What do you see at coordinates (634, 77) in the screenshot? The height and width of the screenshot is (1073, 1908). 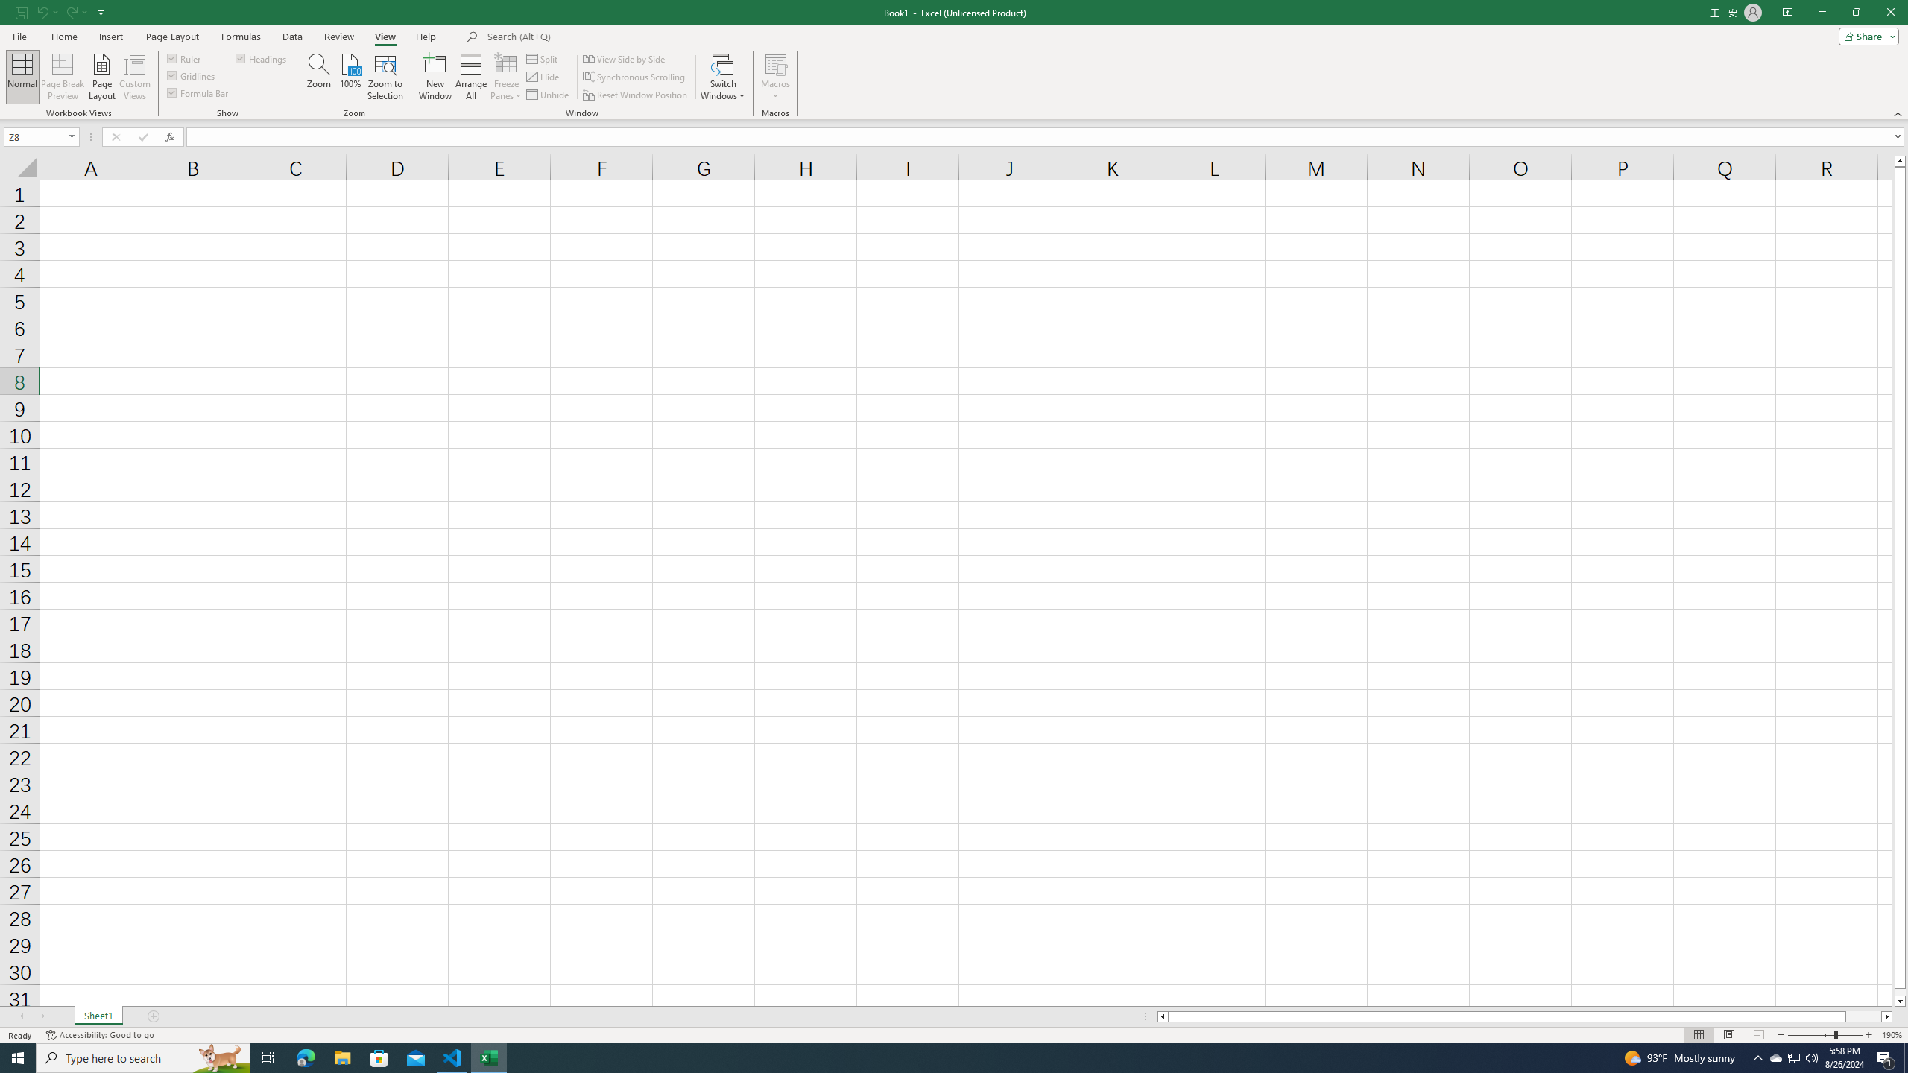 I see `'Synchronous Scrolling'` at bounding box center [634, 77].